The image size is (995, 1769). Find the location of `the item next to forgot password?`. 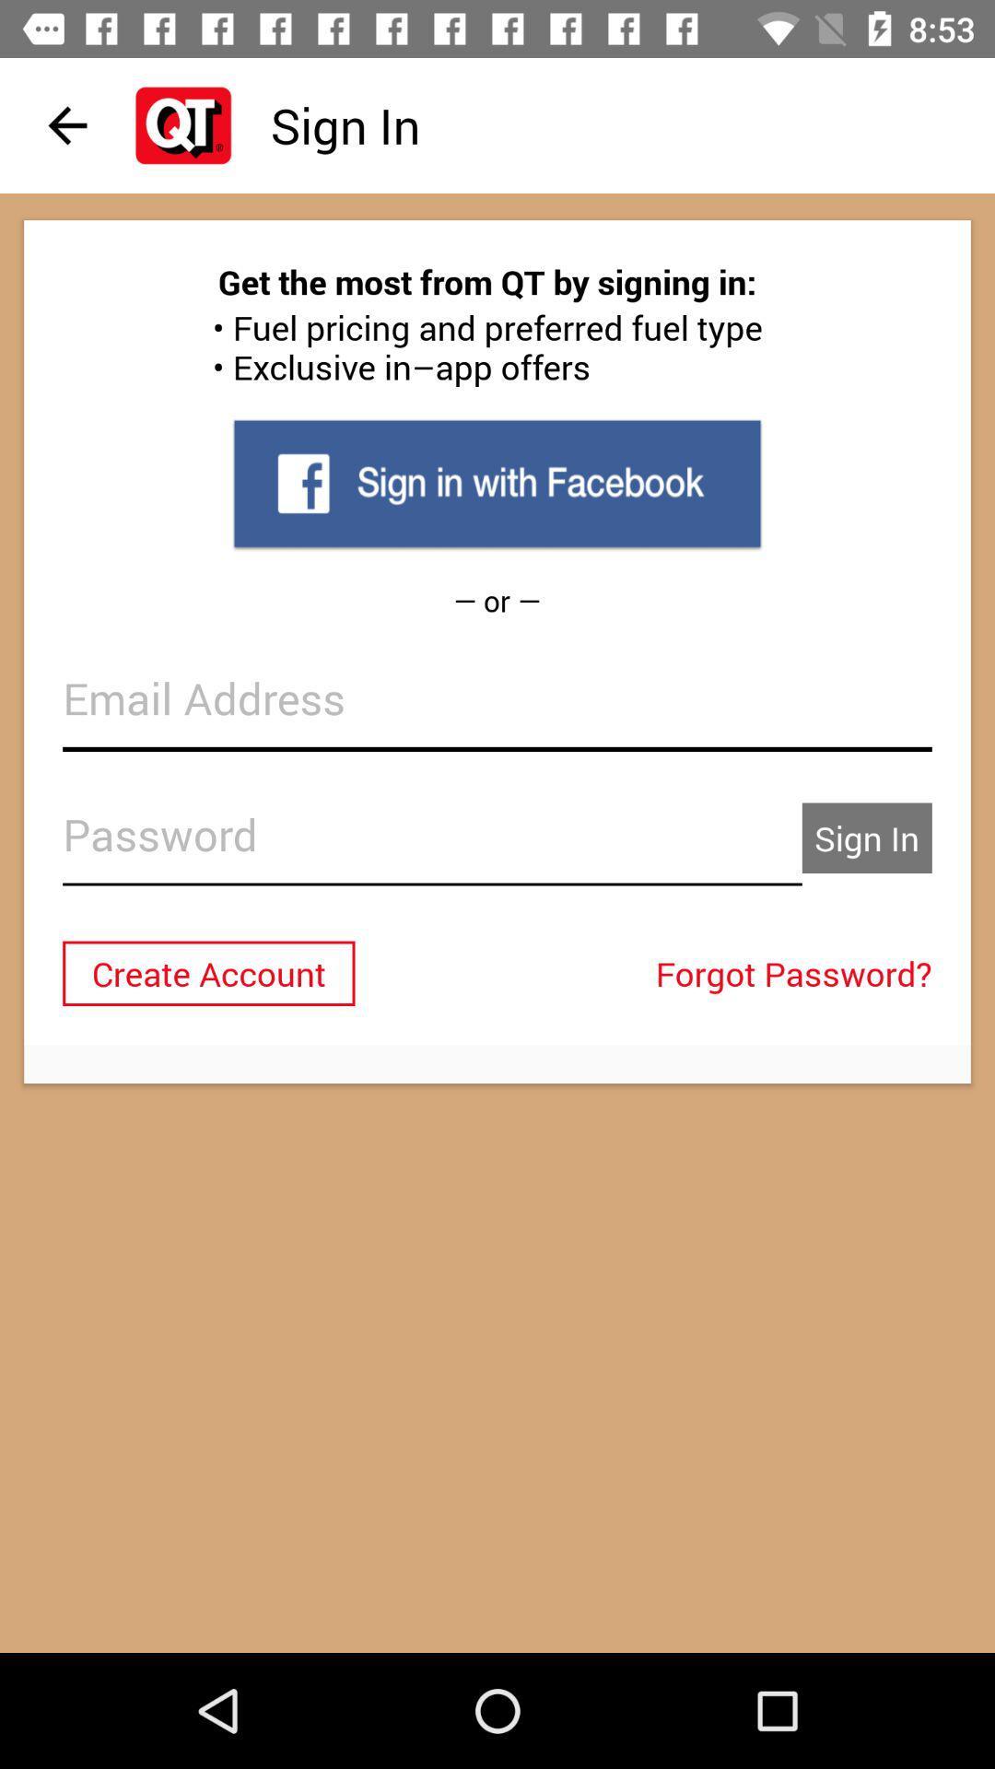

the item next to forgot password? is located at coordinates (207, 972).